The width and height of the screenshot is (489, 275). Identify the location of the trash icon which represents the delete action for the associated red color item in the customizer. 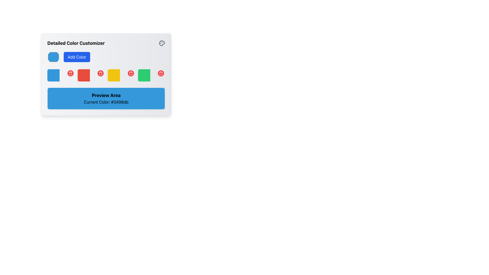
(70, 74).